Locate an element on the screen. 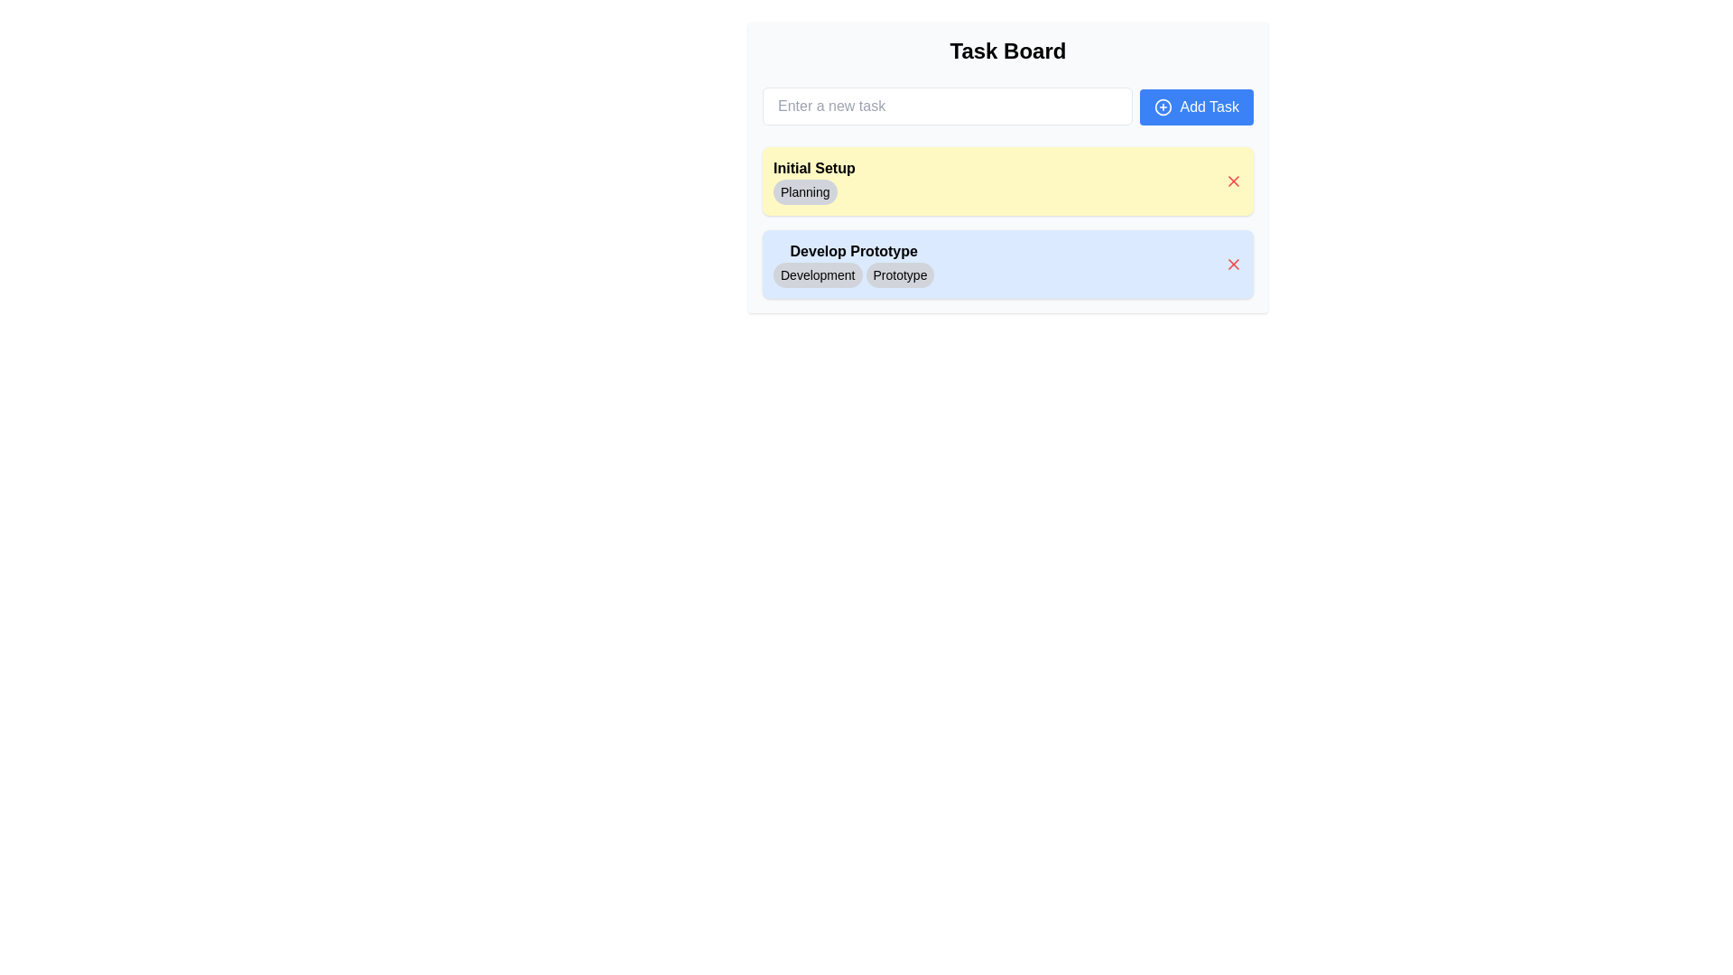  the delete button located at the top-right corner of the yellow rectangular task card labeled 'Initial Setup - Planning' is located at coordinates (1233, 181).